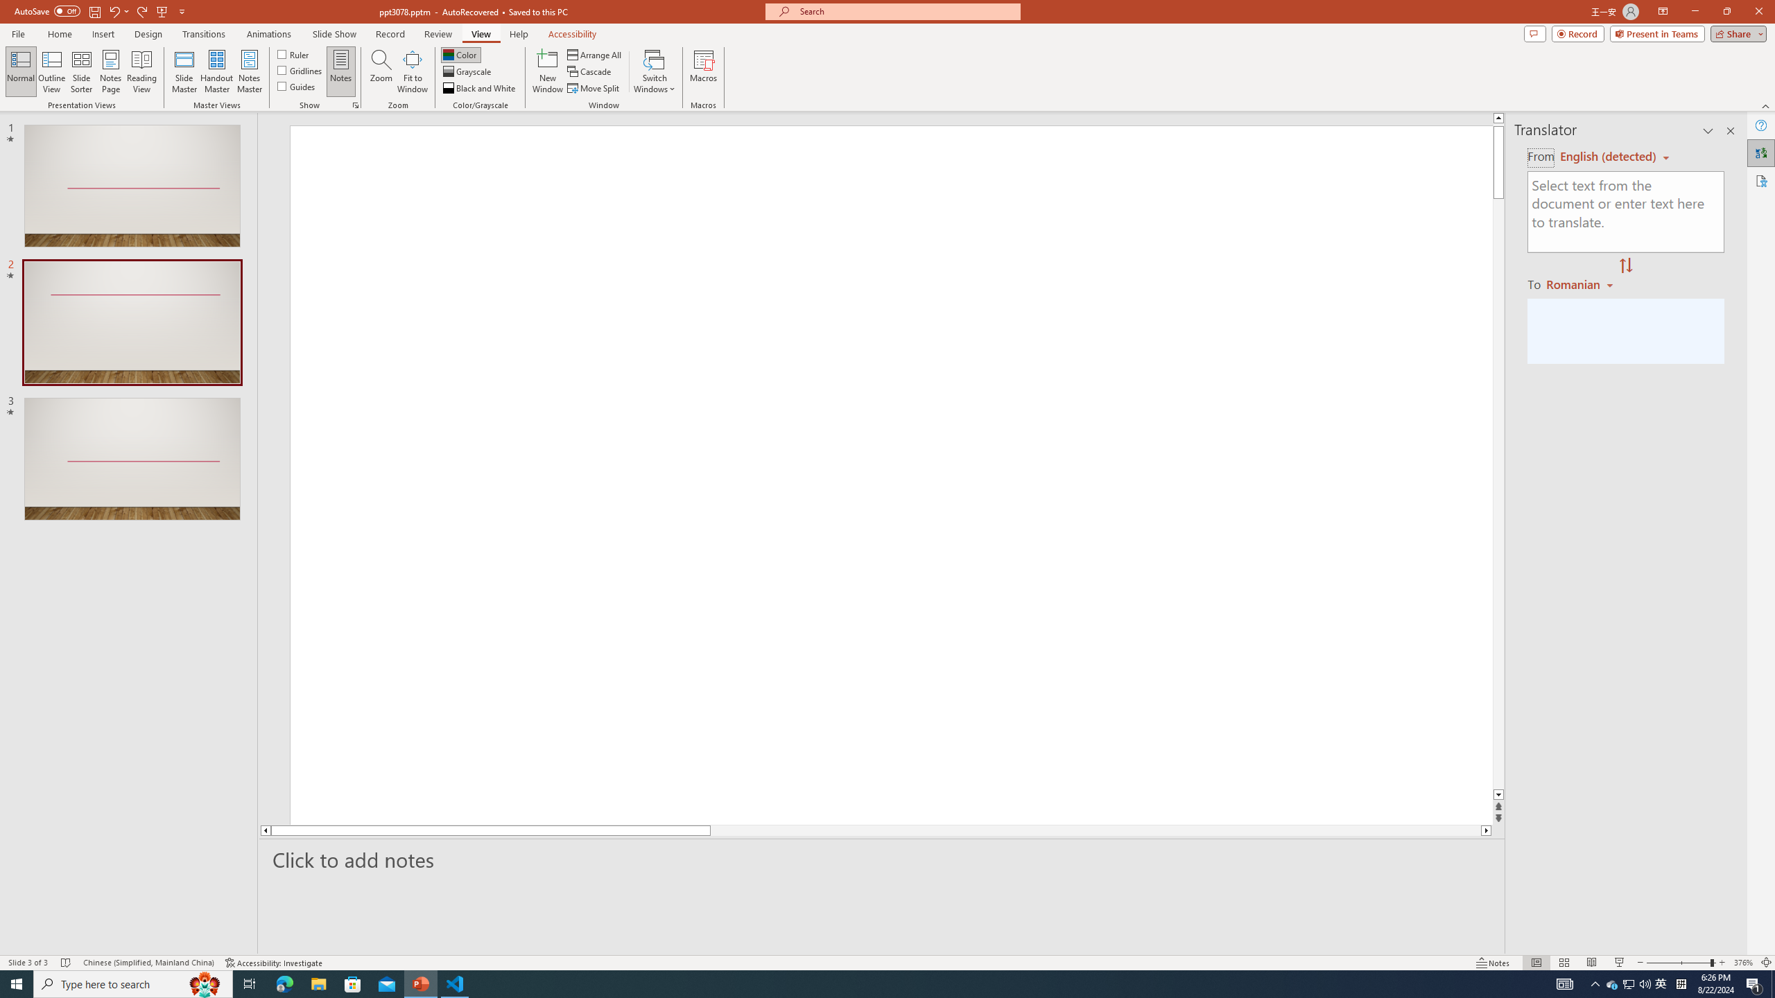 Image resolution: width=1775 pixels, height=998 pixels. What do you see at coordinates (480, 88) in the screenshot?
I see `'Black and White'` at bounding box center [480, 88].